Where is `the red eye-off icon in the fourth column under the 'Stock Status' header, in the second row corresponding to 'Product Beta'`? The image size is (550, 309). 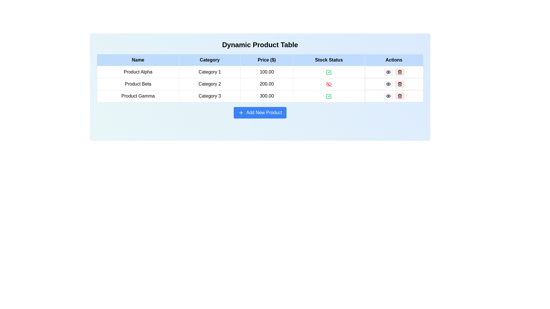
the red eye-off icon in the fourth column under the 'Stock Status' header, in the second row corresponding to 'Product Beta' is located at coordinates (329, 84).